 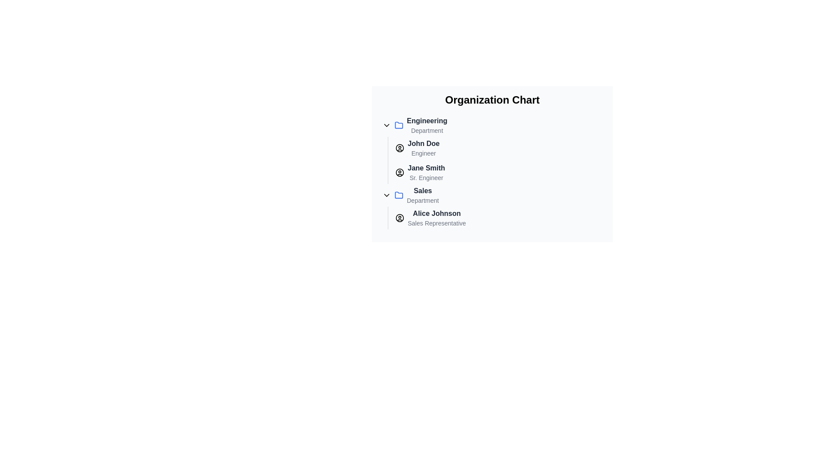 What do you see at coordinates (386, 195) in the screenshot?
I see `the downward-pointing chevron icon button located next to the text 'Sales'` at bounding box center [386, 195].